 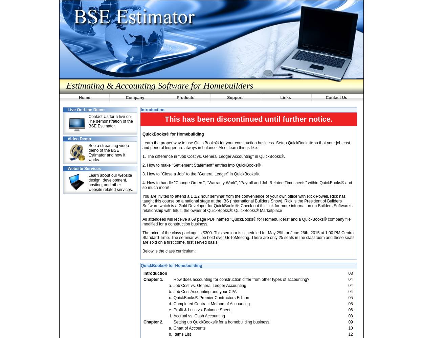 I want to click on 'Training Service', so click(x=71, y=12).